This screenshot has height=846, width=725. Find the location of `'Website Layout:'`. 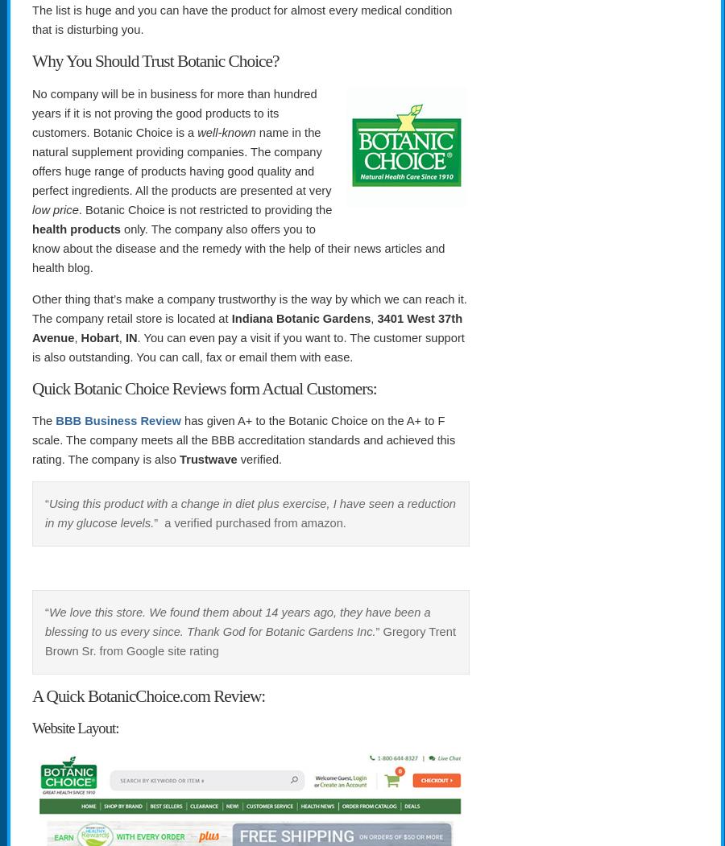

'Website Layout:' is located at coordinates (74, 727).